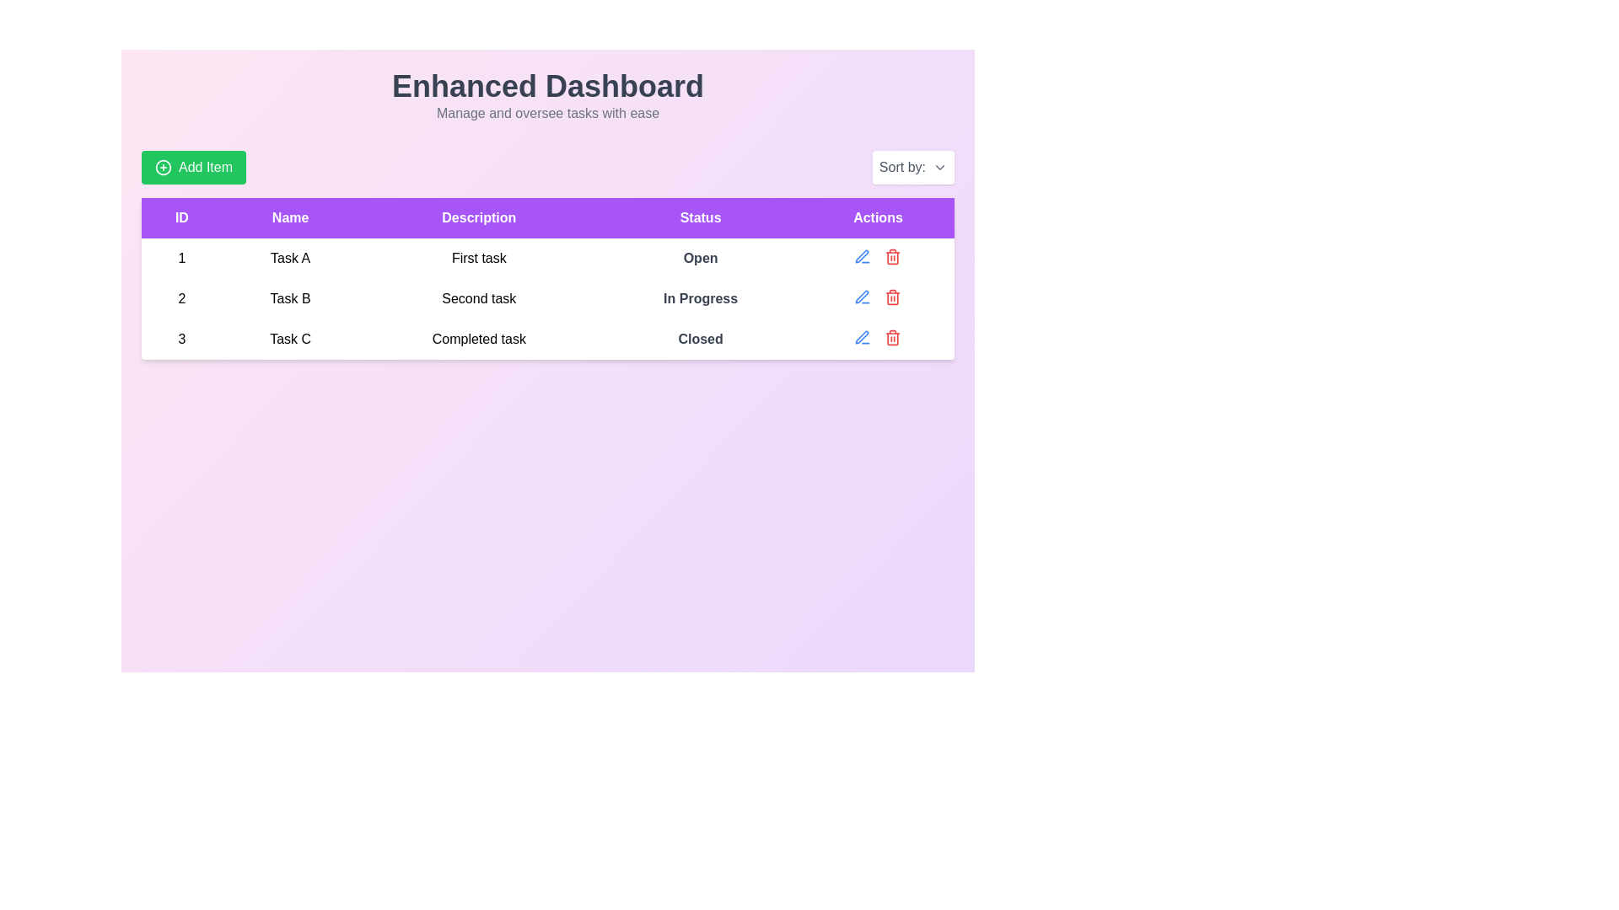 This screenshot has height=910, width=1619. What do you see at coordinates (478, 259) in the screenshot?
I see `the text label reading 'First task', which is located in the third column of the first row of the table below the 'Description' header` at bounding box center [478, 259].